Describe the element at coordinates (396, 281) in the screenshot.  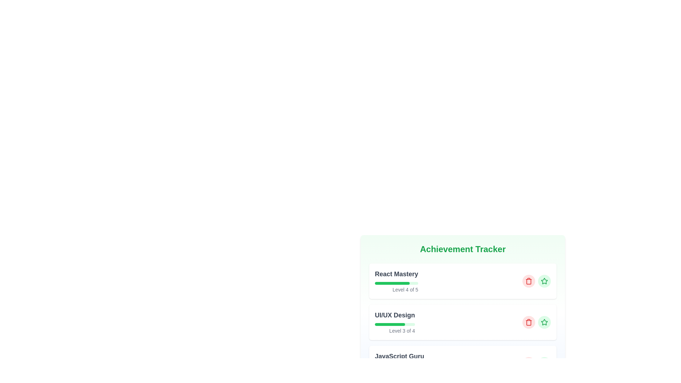
I see `the 'React Mastery' progress bar with text, which displays a green filled portion and the text 'Level 4 of 5' underneath, located in the first card under 'Achievement Tracker'` at that location.